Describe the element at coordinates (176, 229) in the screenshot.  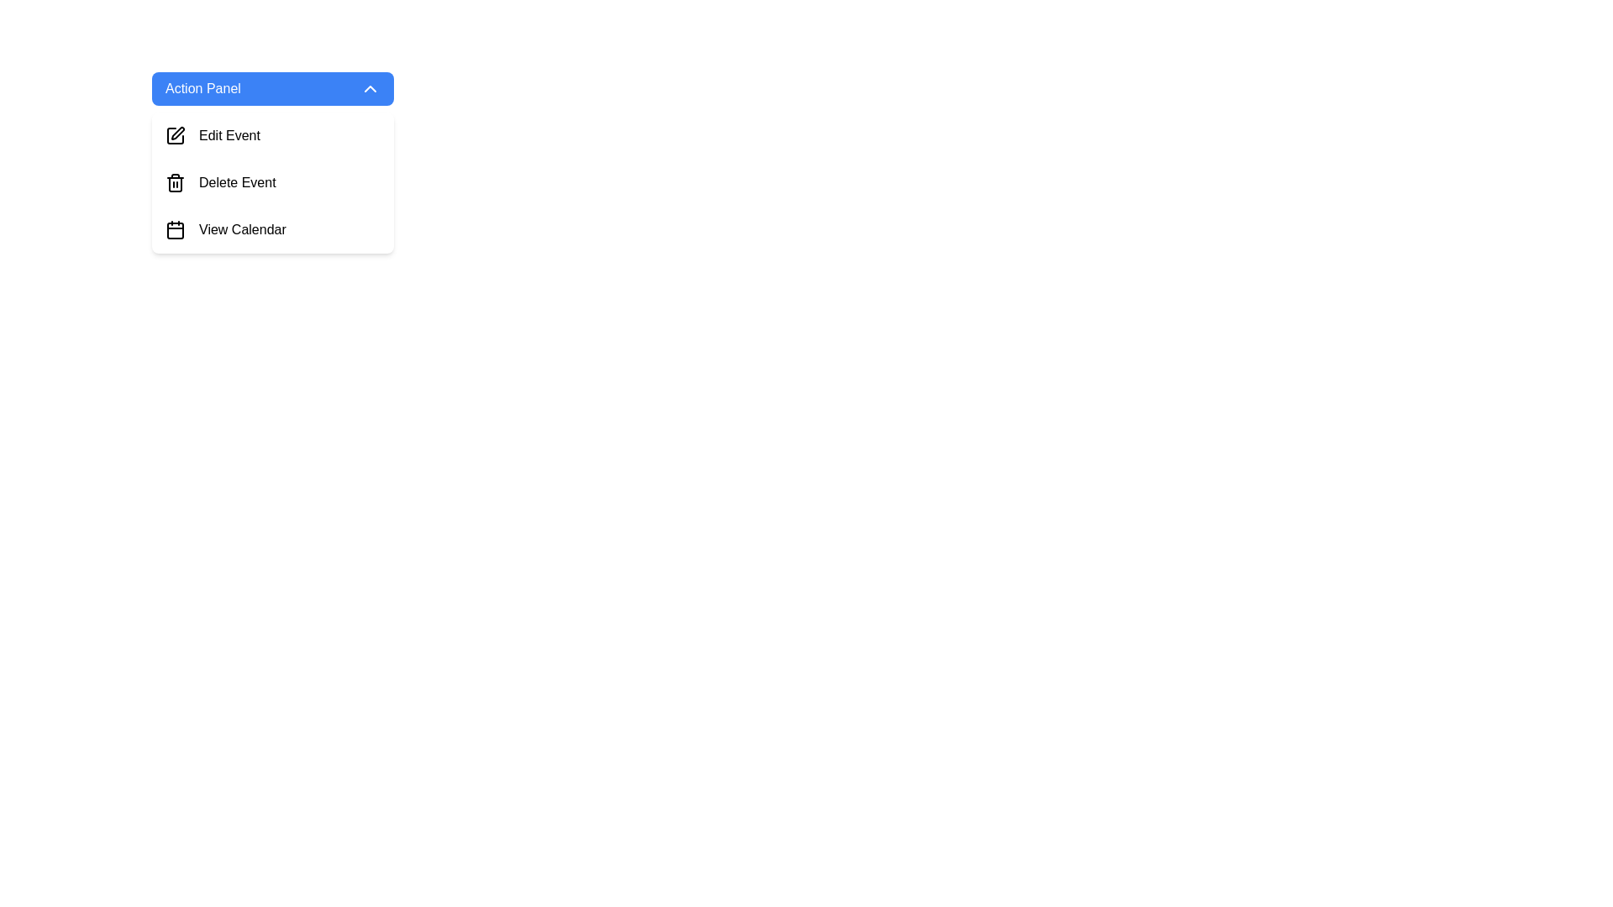
I see `the calendar icon which is a compact, minimalistic design with rounded corners` at that location.